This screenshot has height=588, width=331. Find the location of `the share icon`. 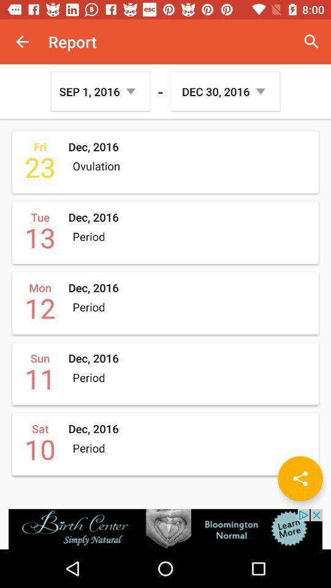

the share icon is located at coordinates (300, 478).